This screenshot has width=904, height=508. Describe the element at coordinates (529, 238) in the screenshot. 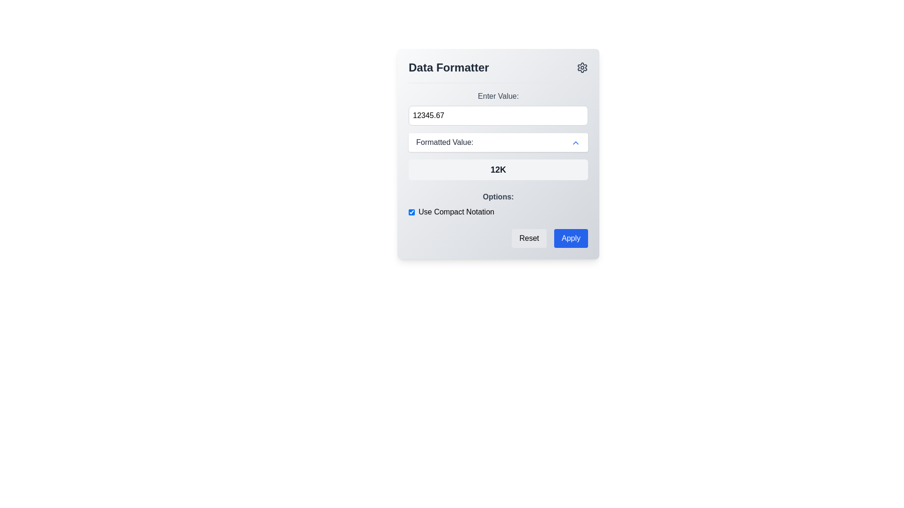

I see `the leftmost 'Reset' button located at the bottom-right of the card-like interface` at that location.